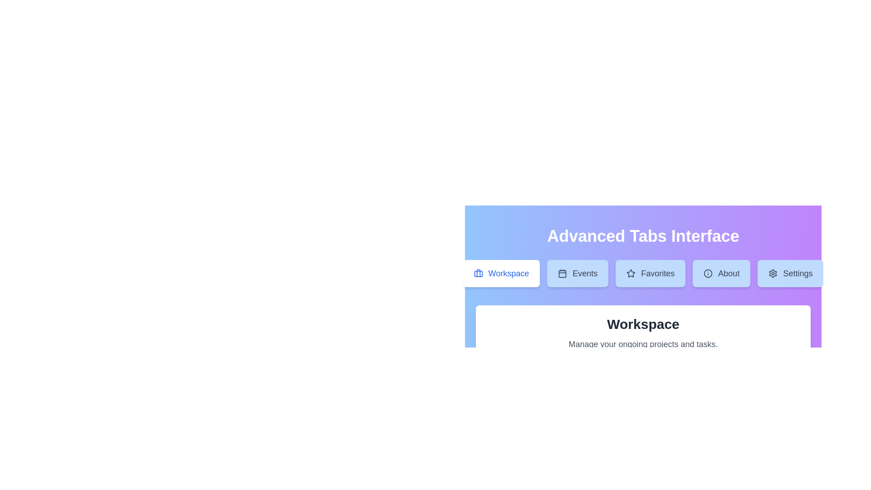 The image size is (871, 490). What do you see at coordinates (790, 273) in the screenshot?
I see `the 'Settings' button located at the far right of the horizontal navigation bar` at bounding box center [790, 273].